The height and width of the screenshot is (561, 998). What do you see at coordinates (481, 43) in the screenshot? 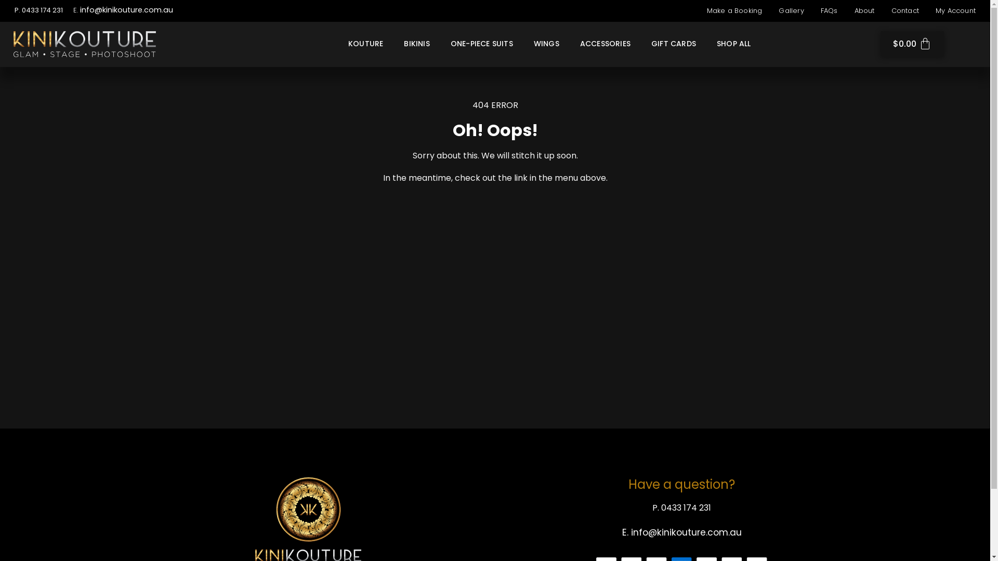
I see `'ONE-PIECE SUITS'` at bounding box center [481, 43].